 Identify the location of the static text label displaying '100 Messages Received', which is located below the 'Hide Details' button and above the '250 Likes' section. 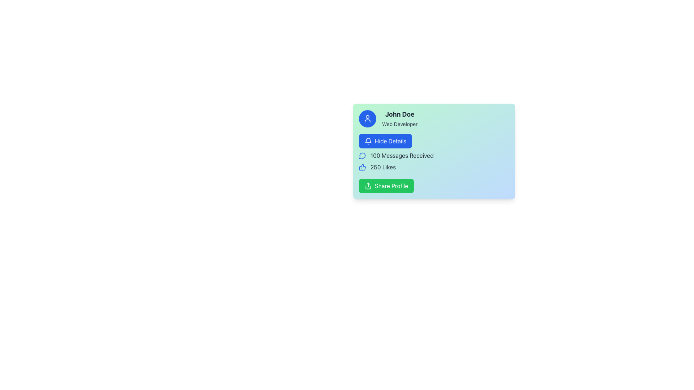
(402, 155).